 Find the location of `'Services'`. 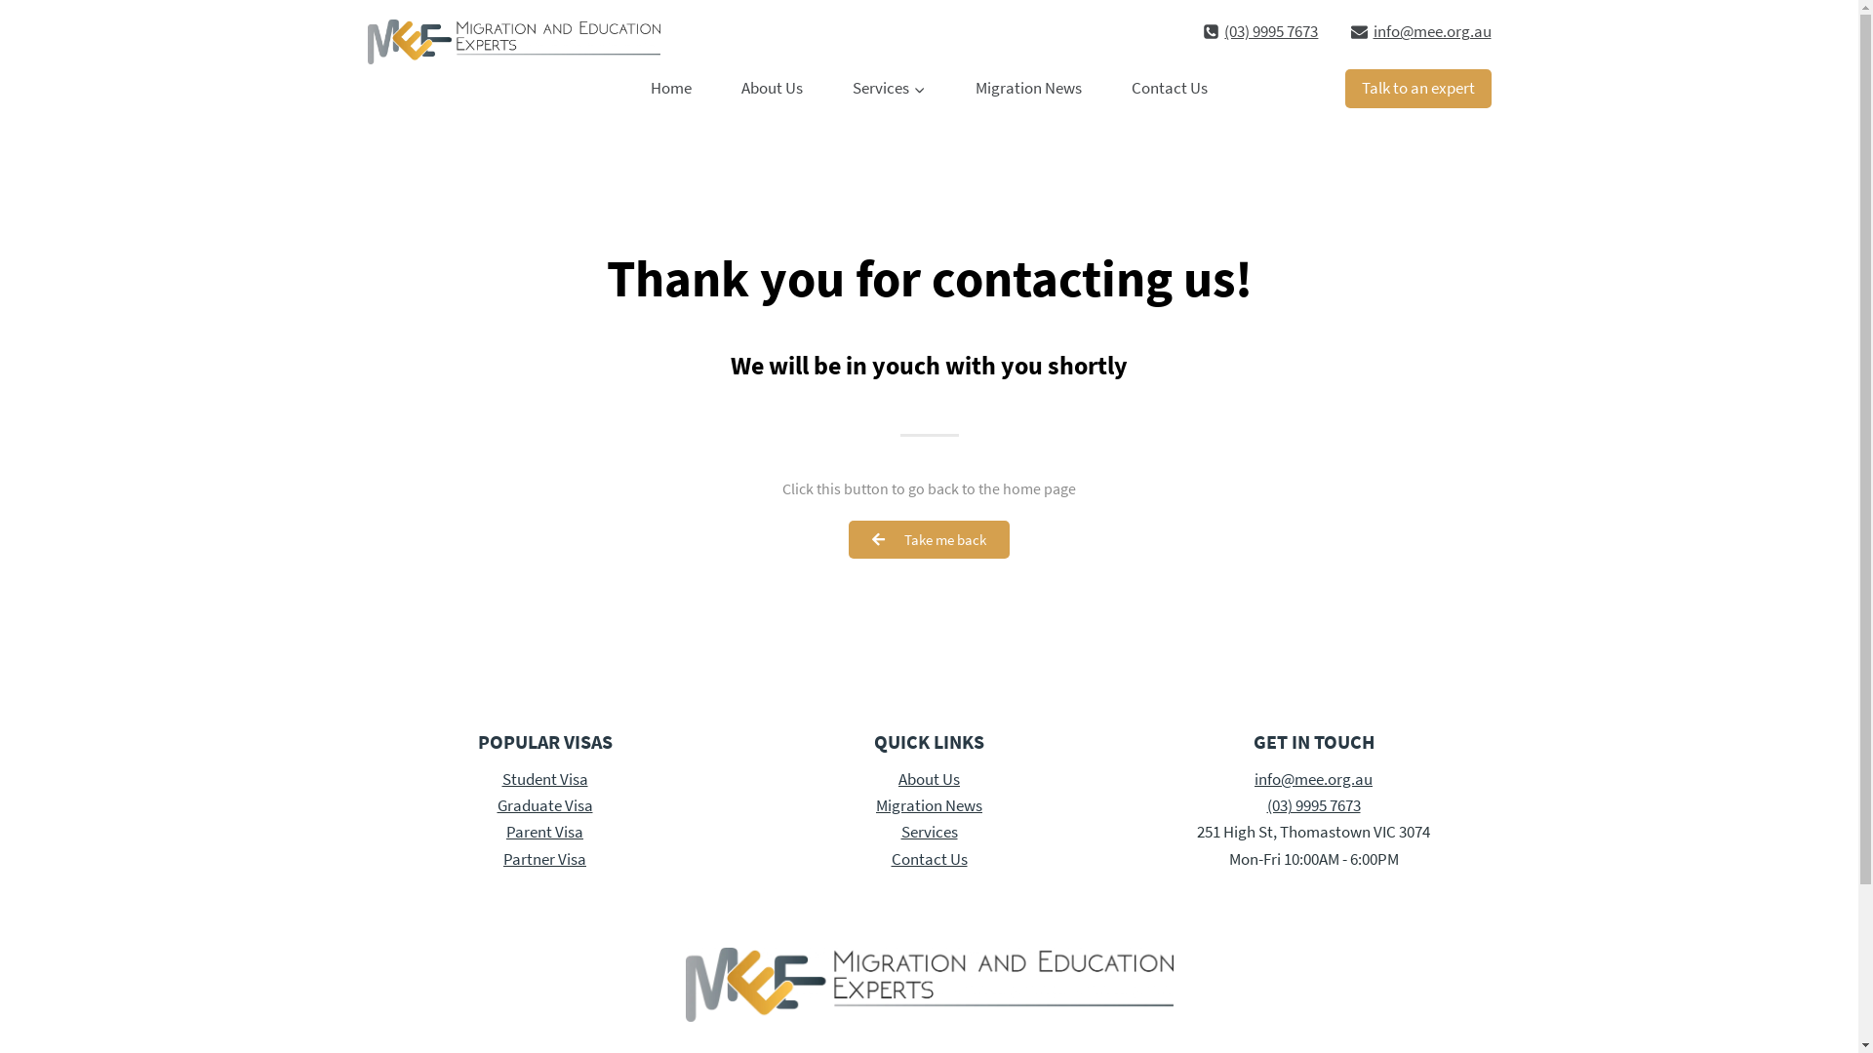

'Services' is located at coordinates (888, 89).